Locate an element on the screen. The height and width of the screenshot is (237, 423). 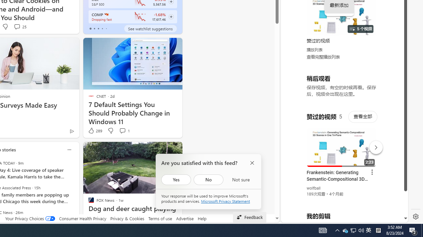
'tab-0' is located at coordinates (90, 28).